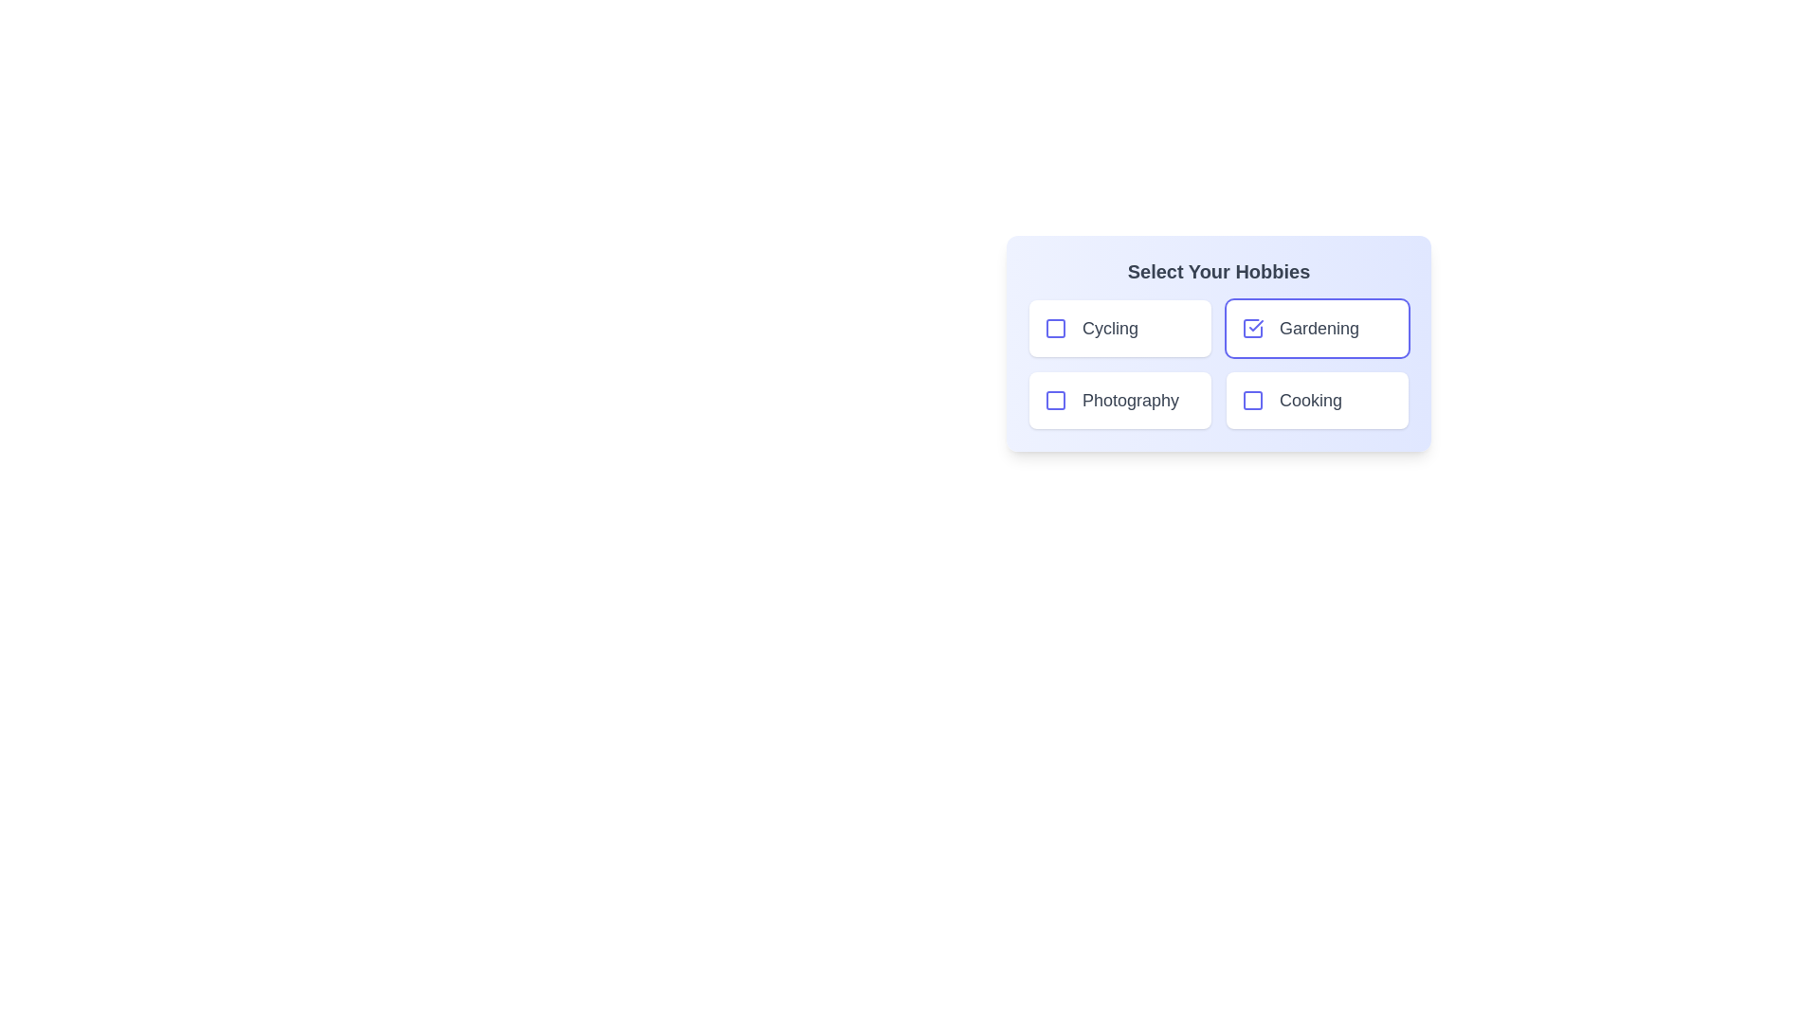 The image size is (1820, 1023). I want to click on the hobby item Gardening to observe its hover effect, so click(1317, 328).